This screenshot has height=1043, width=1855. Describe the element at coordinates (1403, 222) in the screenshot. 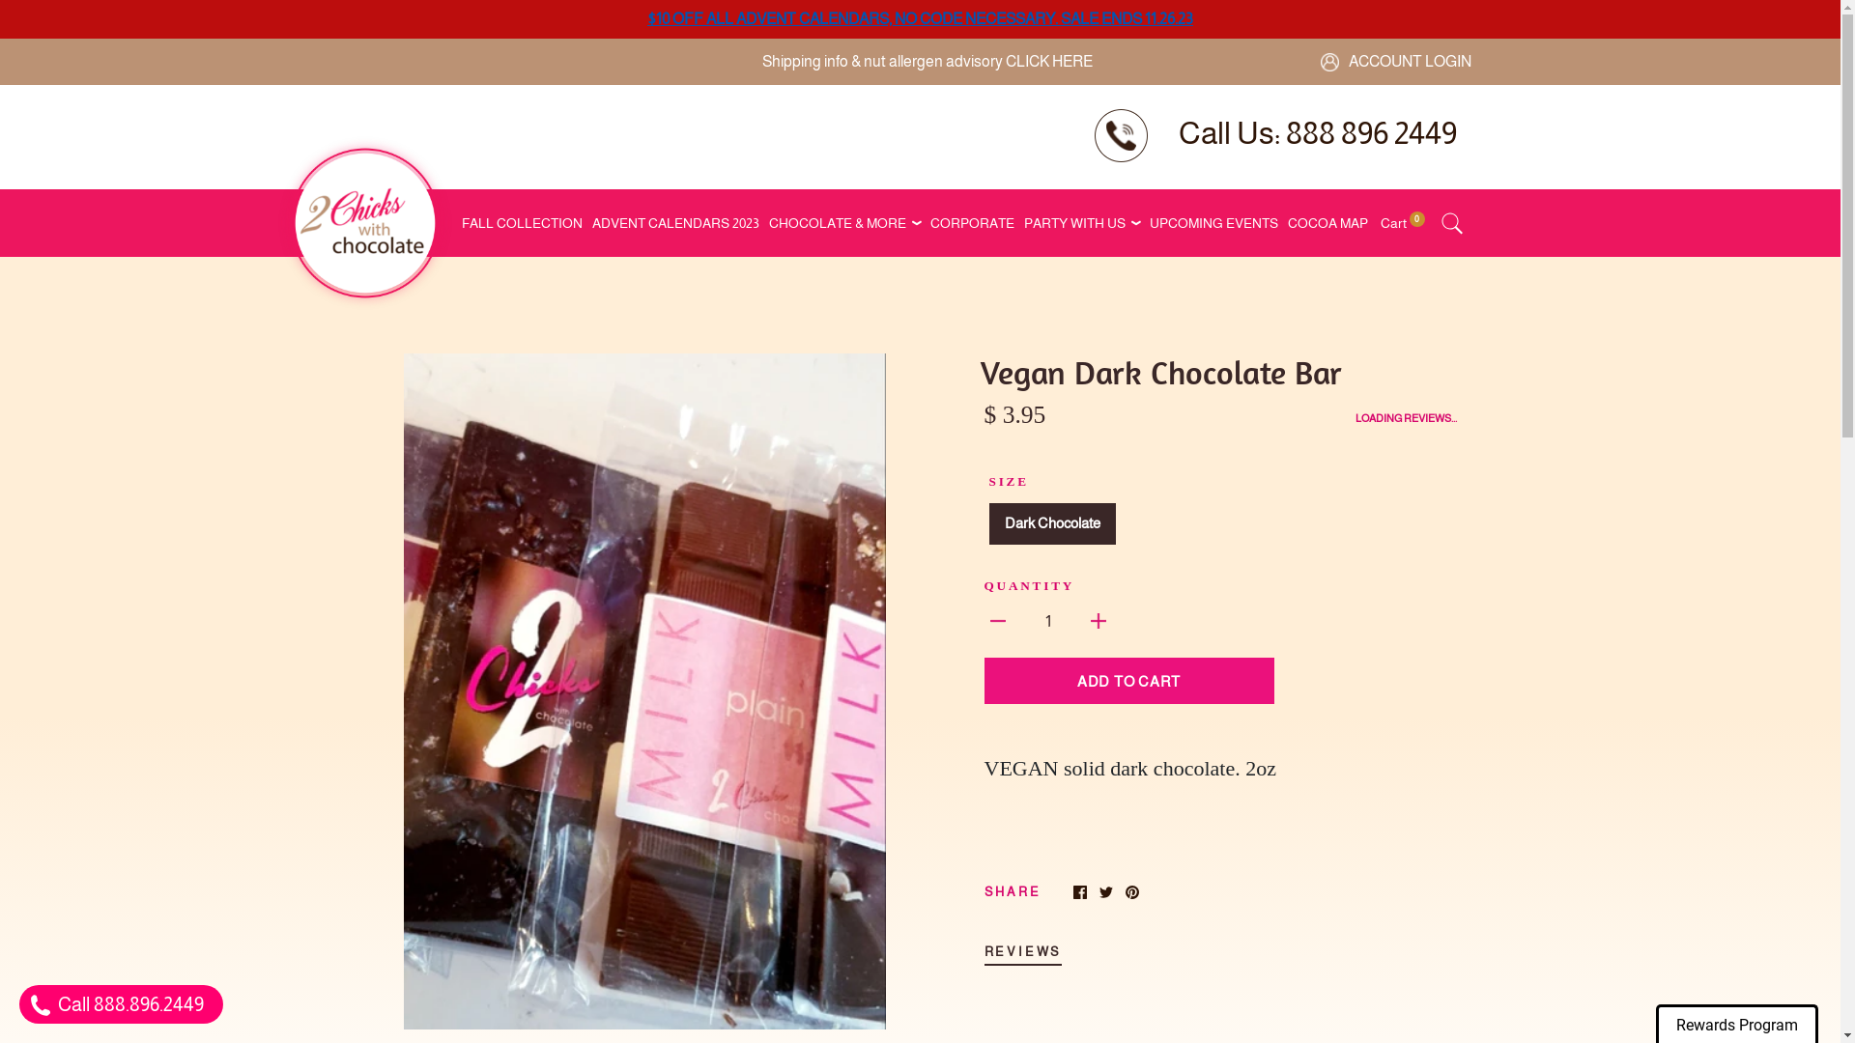

I see `'Cart 0'` at that location.